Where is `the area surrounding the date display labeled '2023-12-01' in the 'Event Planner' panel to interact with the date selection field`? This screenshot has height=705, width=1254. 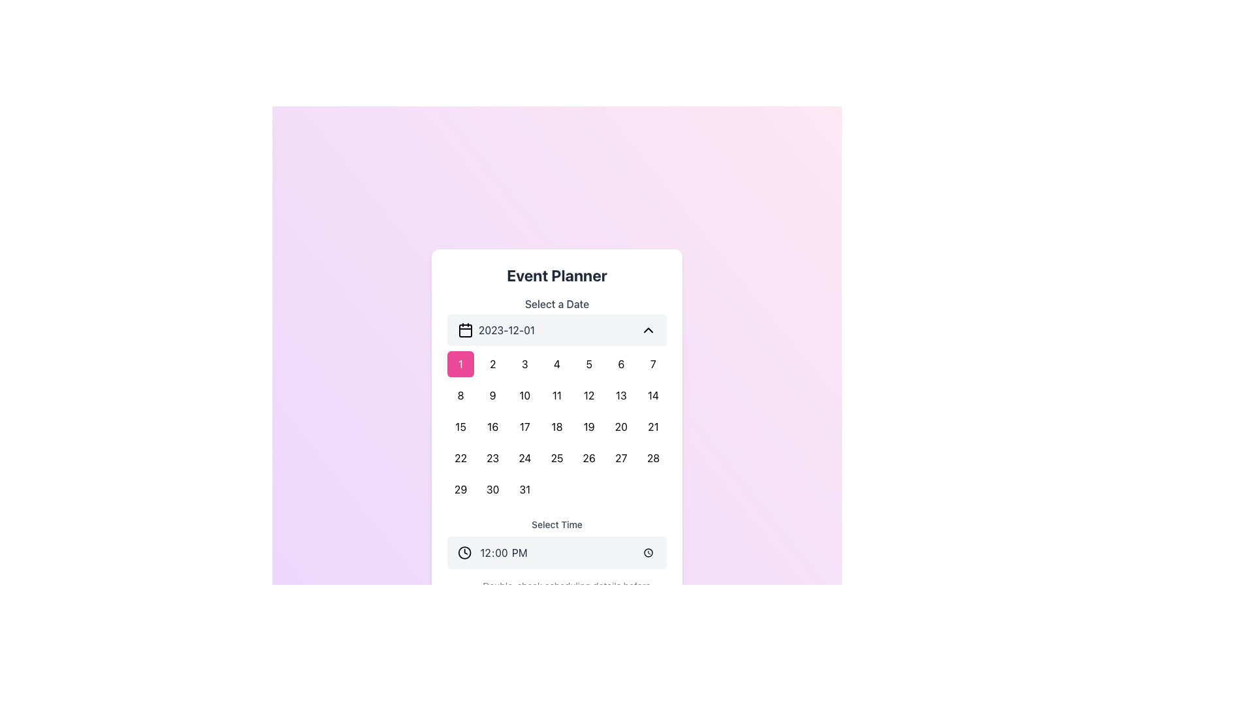
the area surrounding the date display labeled '2023-12-01' in the 'Event Planner' panel to interact with the date selection field is located at coordinates (495, 329).